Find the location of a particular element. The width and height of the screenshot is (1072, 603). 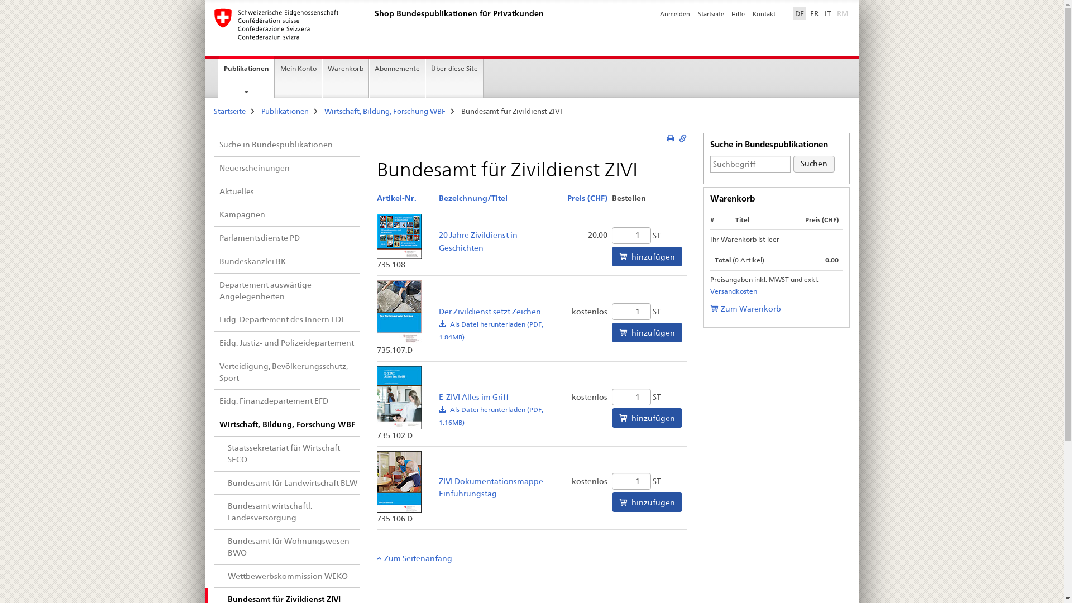

'Bundesamt wirtschaftl. Landesversorgung' is located at coordinates (213, 512).